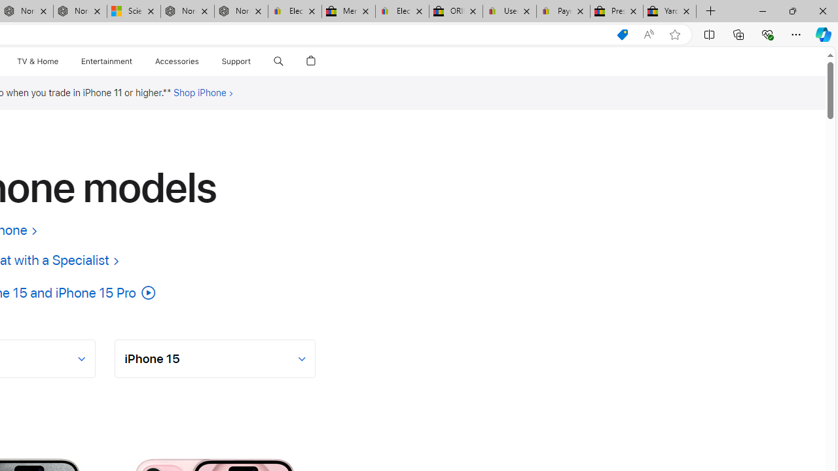 This screenshot has width=838, height=471. Describe the element at coordinates (37, 61) in the screenshot. I see `'TV & Home'` at that location.